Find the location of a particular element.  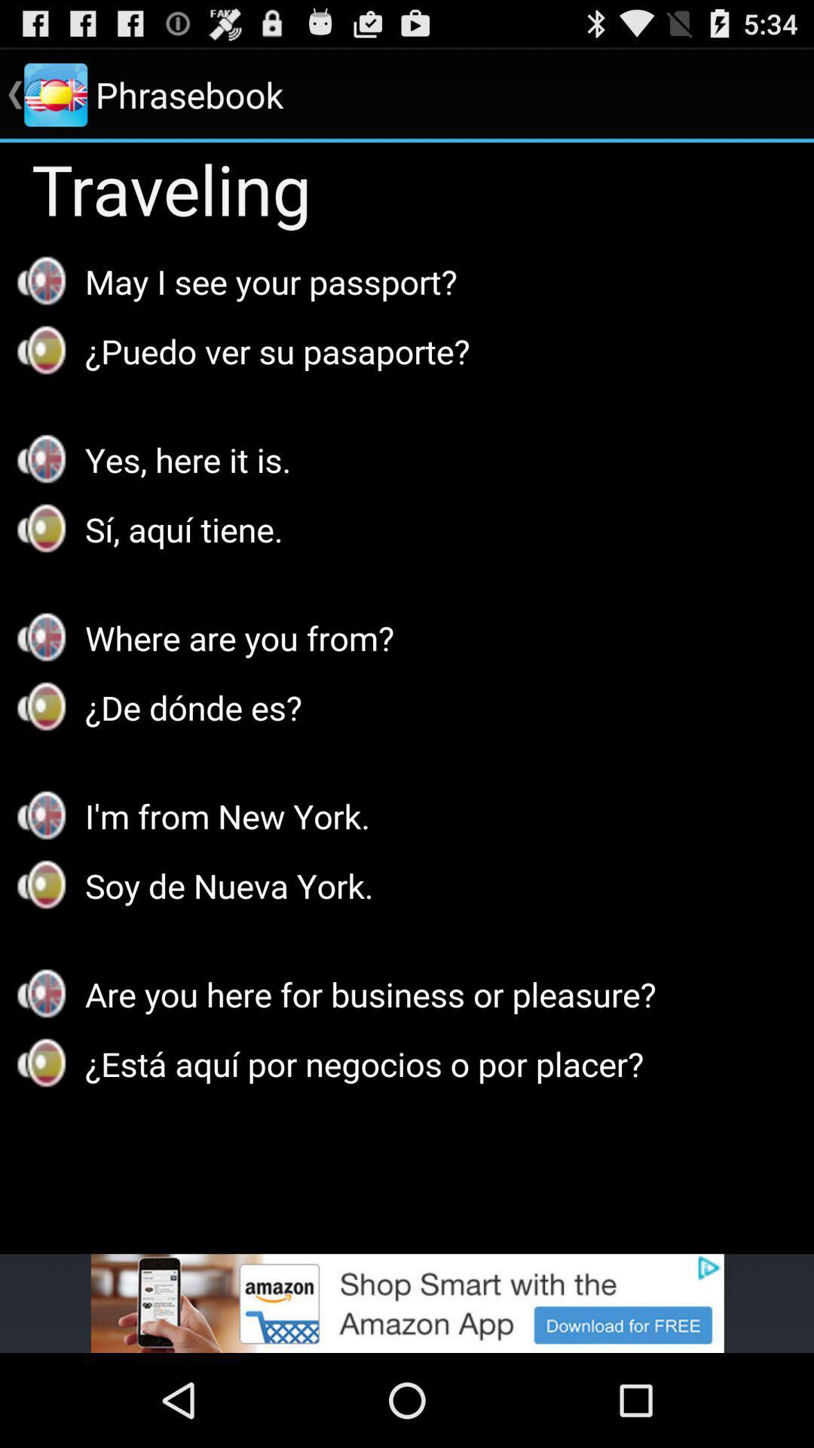

advertisement bar is located at coordinates (407, 1302).